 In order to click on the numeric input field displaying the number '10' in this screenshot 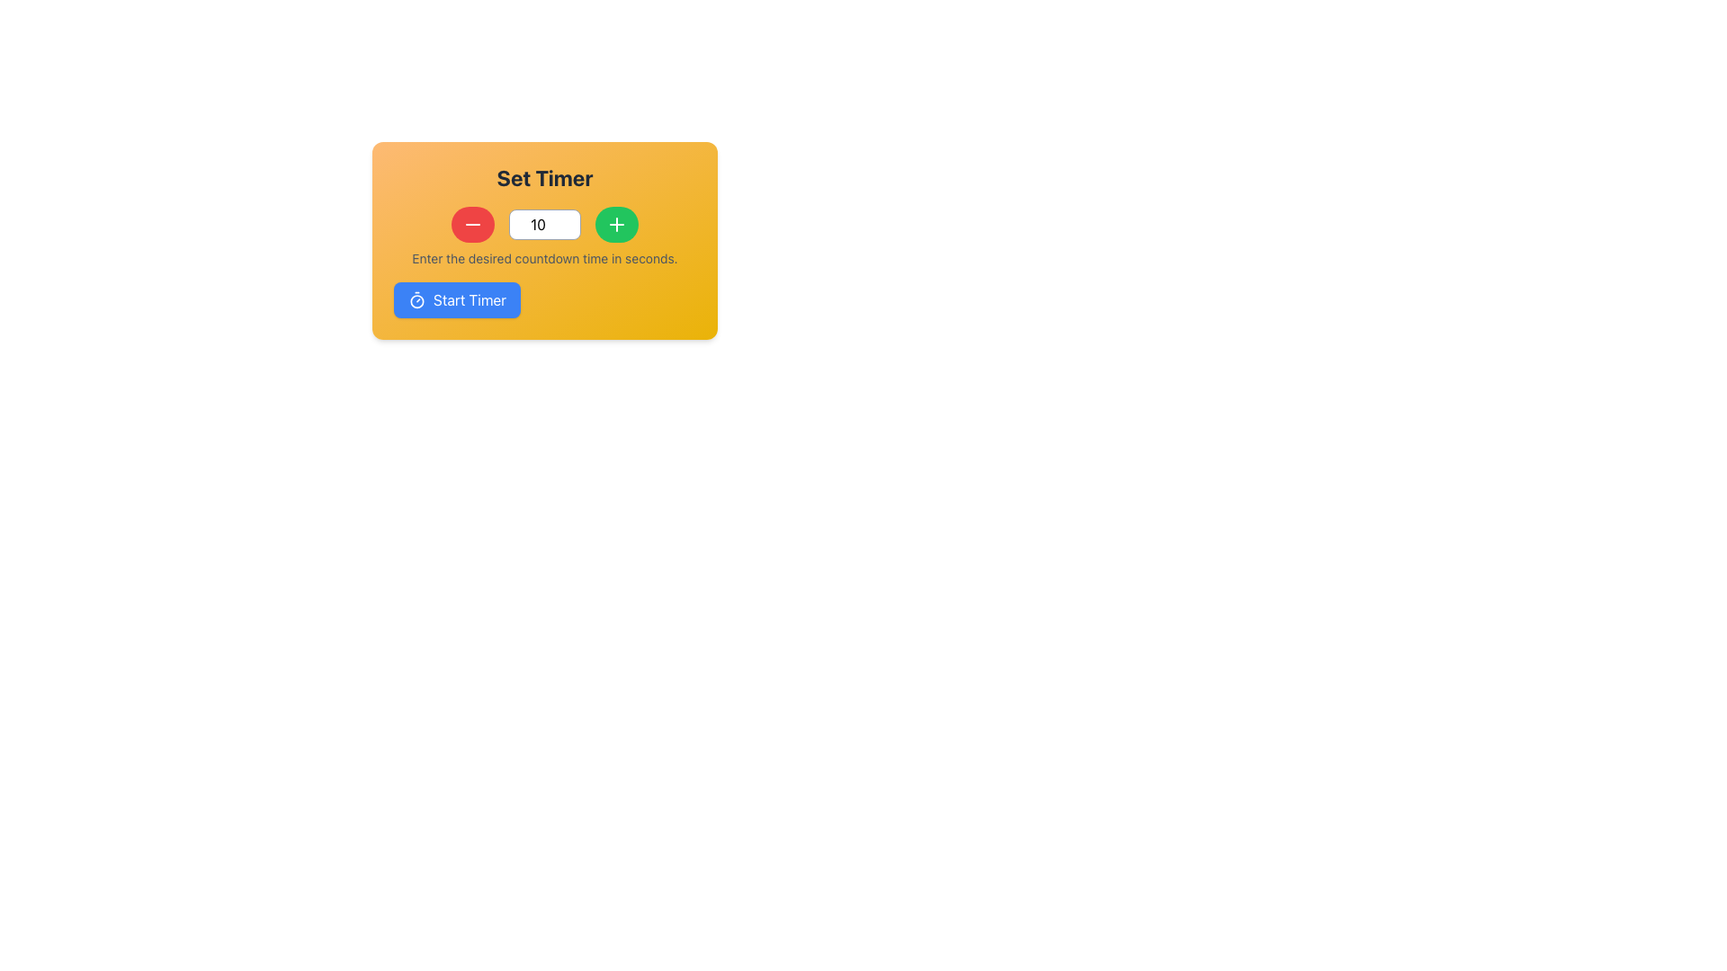, I will do `click(543, 224)`.